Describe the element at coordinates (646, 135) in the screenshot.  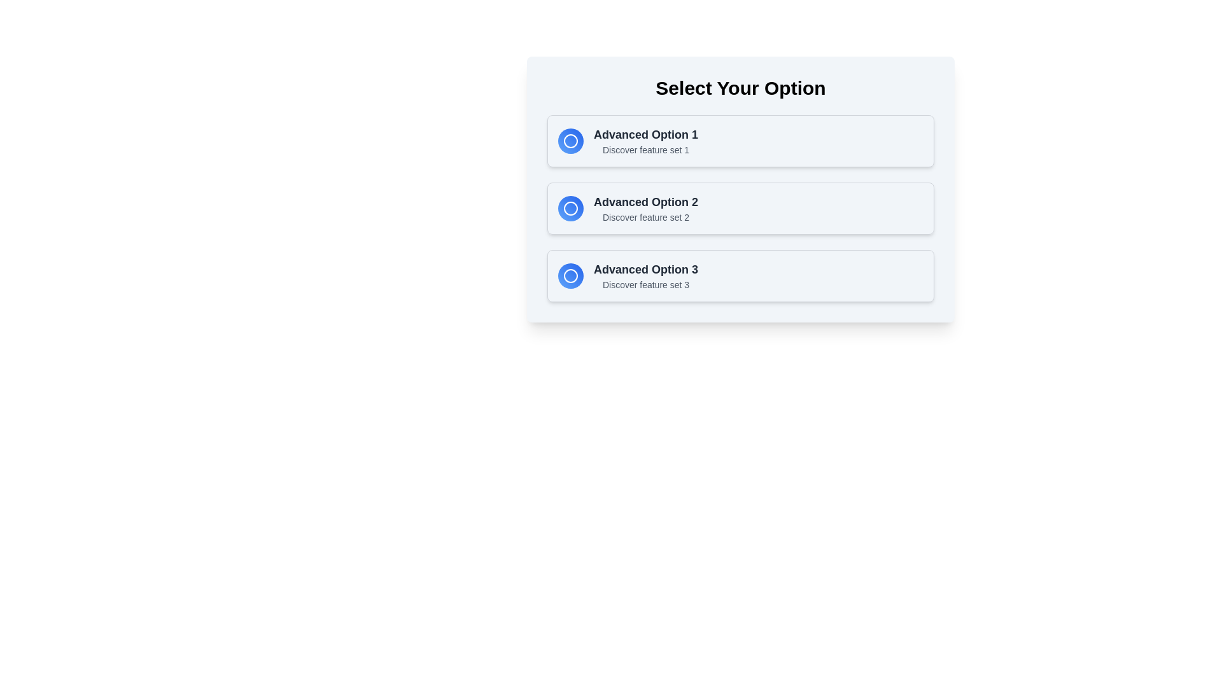
I see `the text label displaying 'Advanced Option 1', which is formatted with a larger font size, bold text, and dark gray color, located in the first item of a vertically arranged list, near the top and to the right of a circular button` at that location.